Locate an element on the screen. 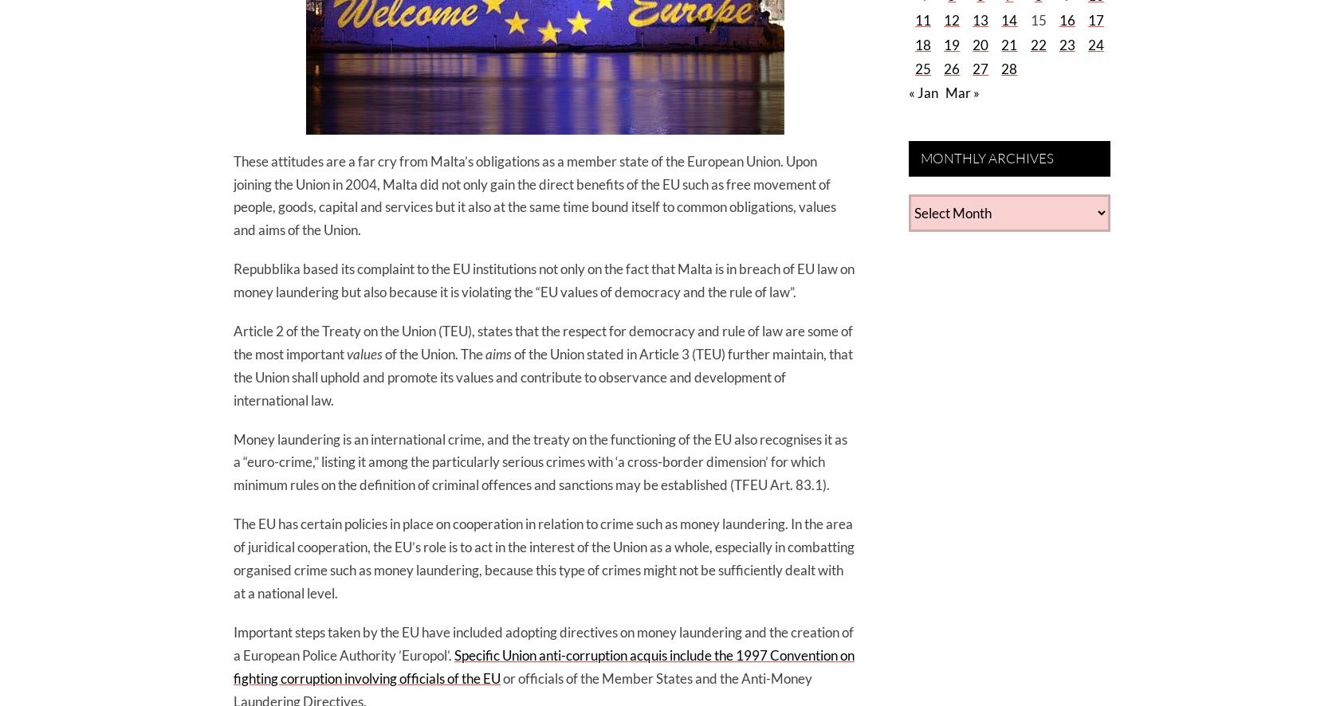 The width and height of the screenshot is (1344, 706). '18' is located at coordinates (922, 43).